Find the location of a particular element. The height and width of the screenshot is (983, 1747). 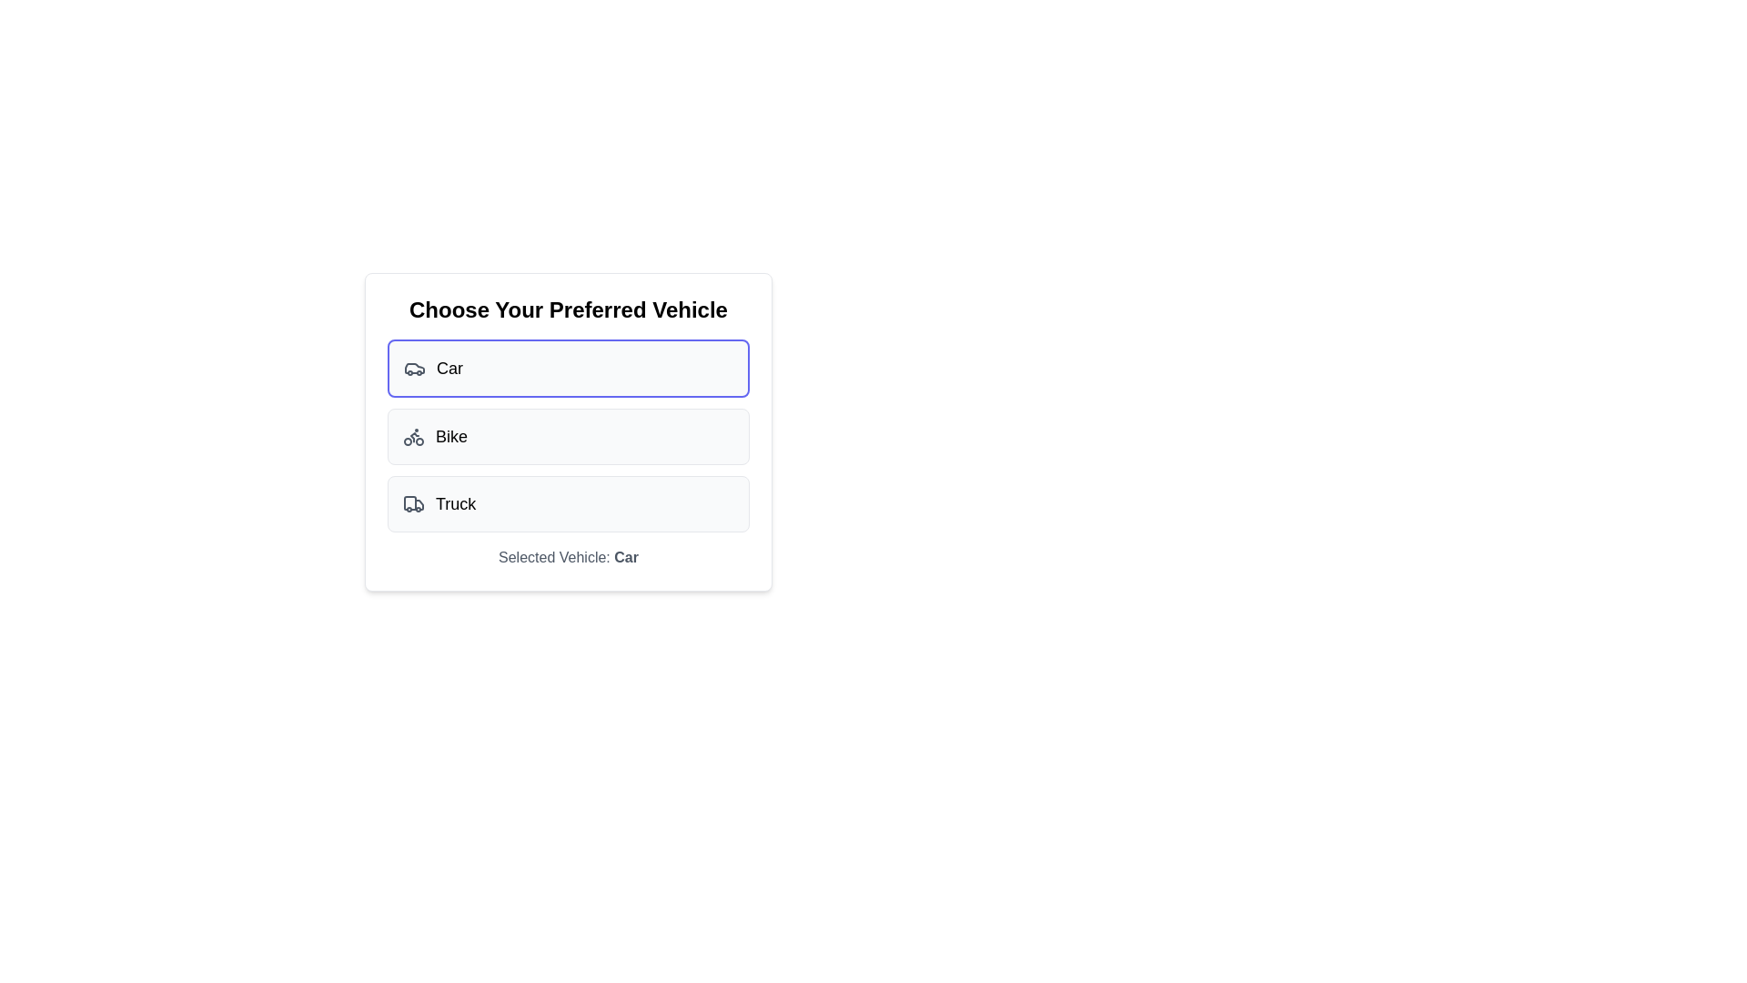

the text component displaying 'Choose Your Preferred Vehicle', which is bold, large, and centered at the top of the selection card is located at coordinates (567, 309).